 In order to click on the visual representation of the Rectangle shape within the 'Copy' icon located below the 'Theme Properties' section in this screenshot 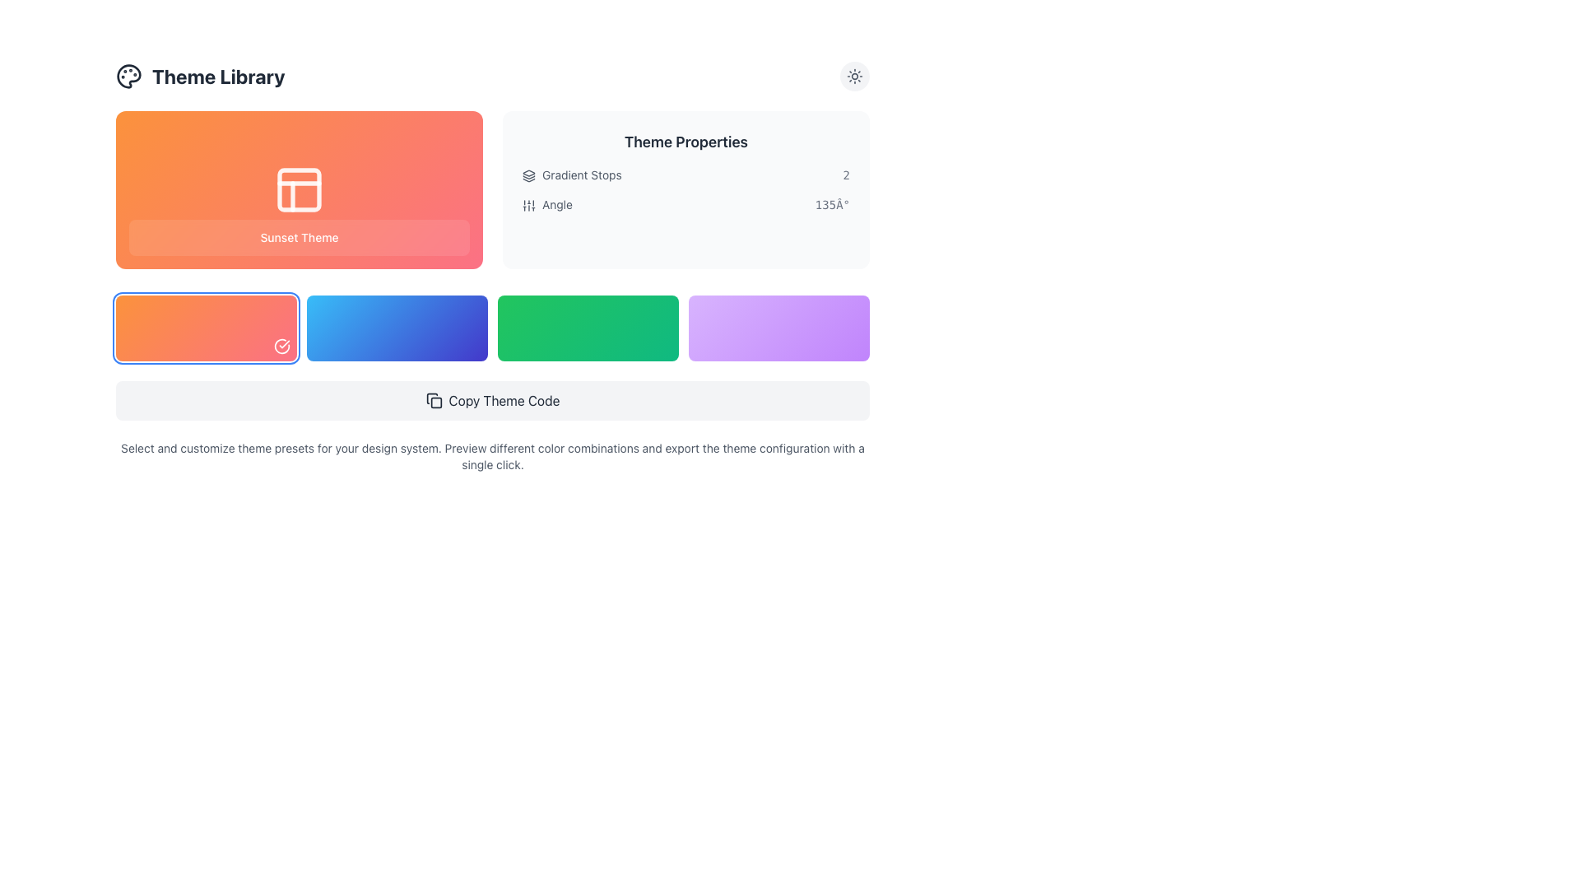, I will do `click(435, 403)`.